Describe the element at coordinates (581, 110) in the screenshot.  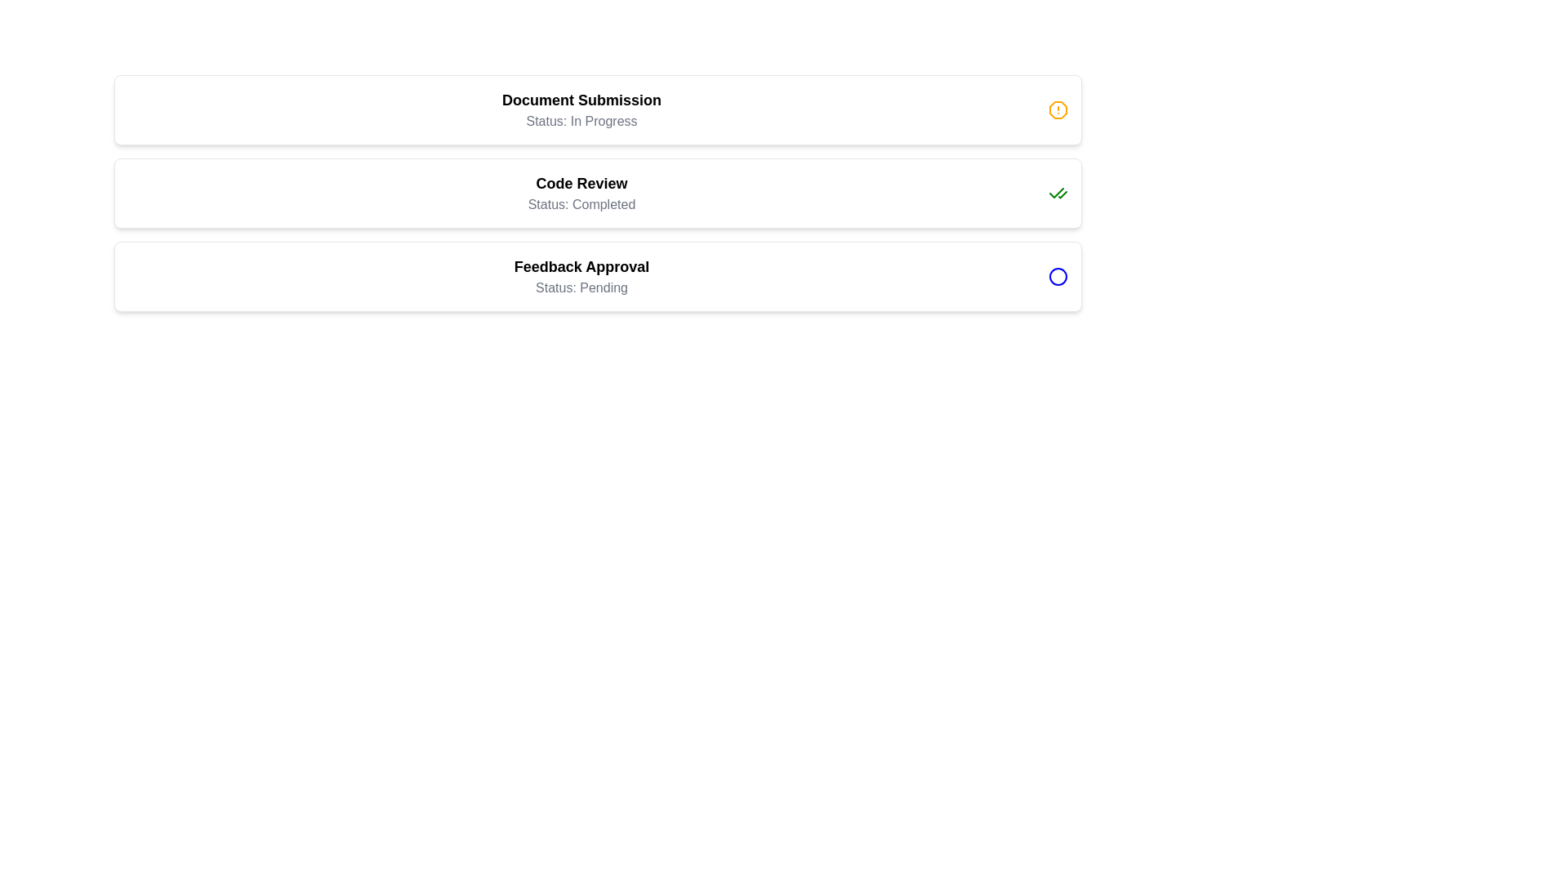
I see `the 'Document Submission' header element, which displays 'Status: In Progress' as subtext, positioned at the top-left of the content area` at that location.